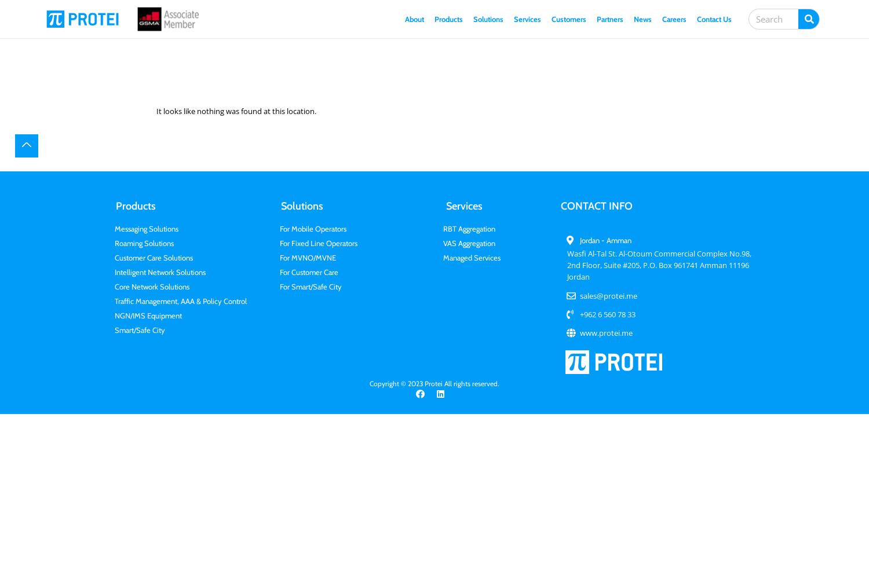 Image resolution: width=869 pixels, height=579 pixels. What do you see at coordinates (318, 243) in the screenshot?
I see `'For Fixed Line Operators'` at bounding box center [318, 243].